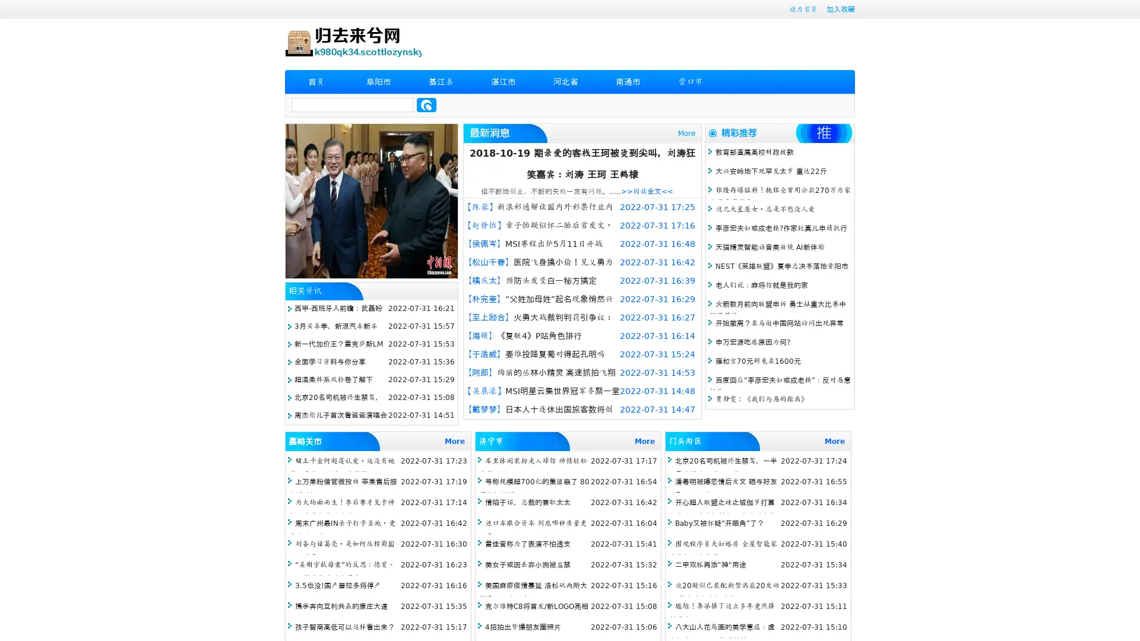 This screenshot has width=1140, height=641. Describe the element at coordinates (426, 104) in the screenshot. I see `Search` at that location.